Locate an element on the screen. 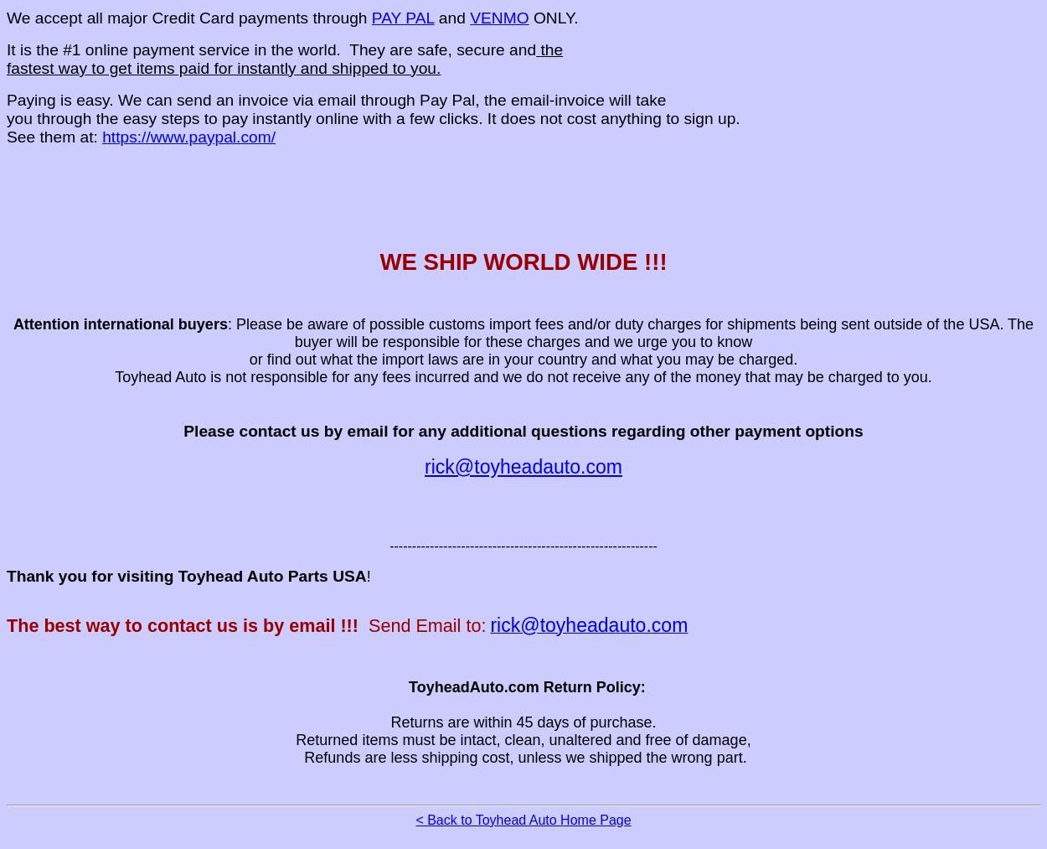 This screenshot has height=849, width=1047. '!' is located at coordinates (367, 575).